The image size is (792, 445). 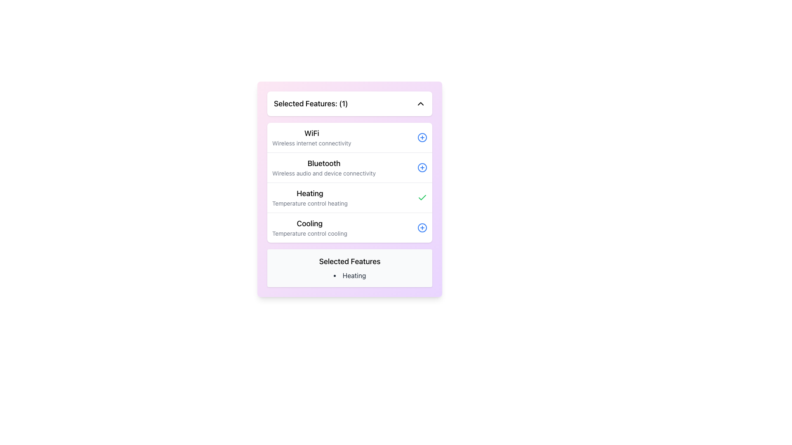 I want to click on the 'Bluetooth' text label with contextual description, which features bold text for 'Bluetooth' and smaller gray text for 'Wireless audio and device connectivity', located in the selectable features list, so click(x=323, y=167).